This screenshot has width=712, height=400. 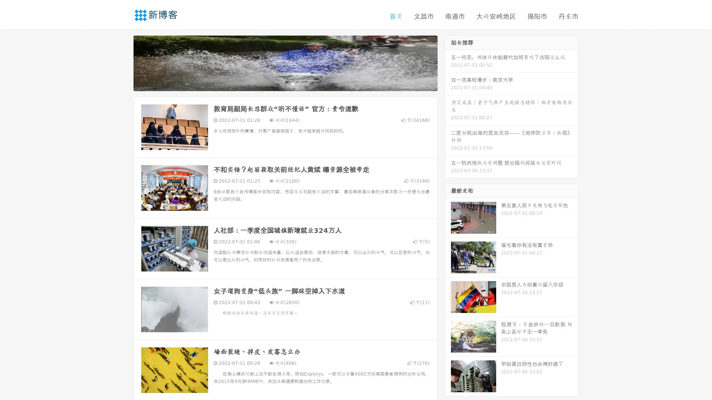 What do you see at coordinates (122, 62) in the screenshot?
I see `Previous slide` at bounding box center [122, 62].